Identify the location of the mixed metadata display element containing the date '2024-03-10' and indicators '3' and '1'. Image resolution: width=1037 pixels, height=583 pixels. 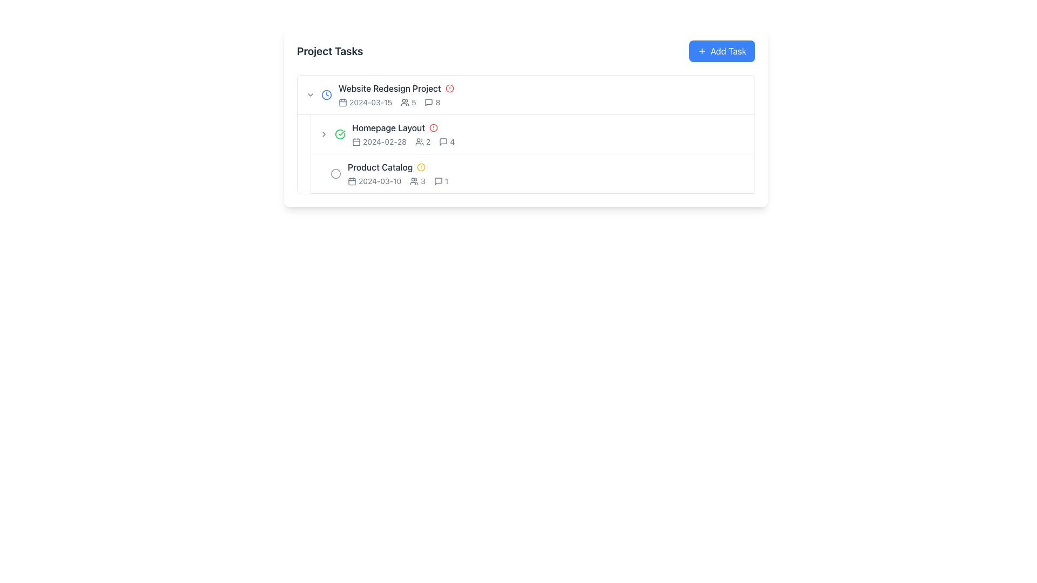
(548, 180).